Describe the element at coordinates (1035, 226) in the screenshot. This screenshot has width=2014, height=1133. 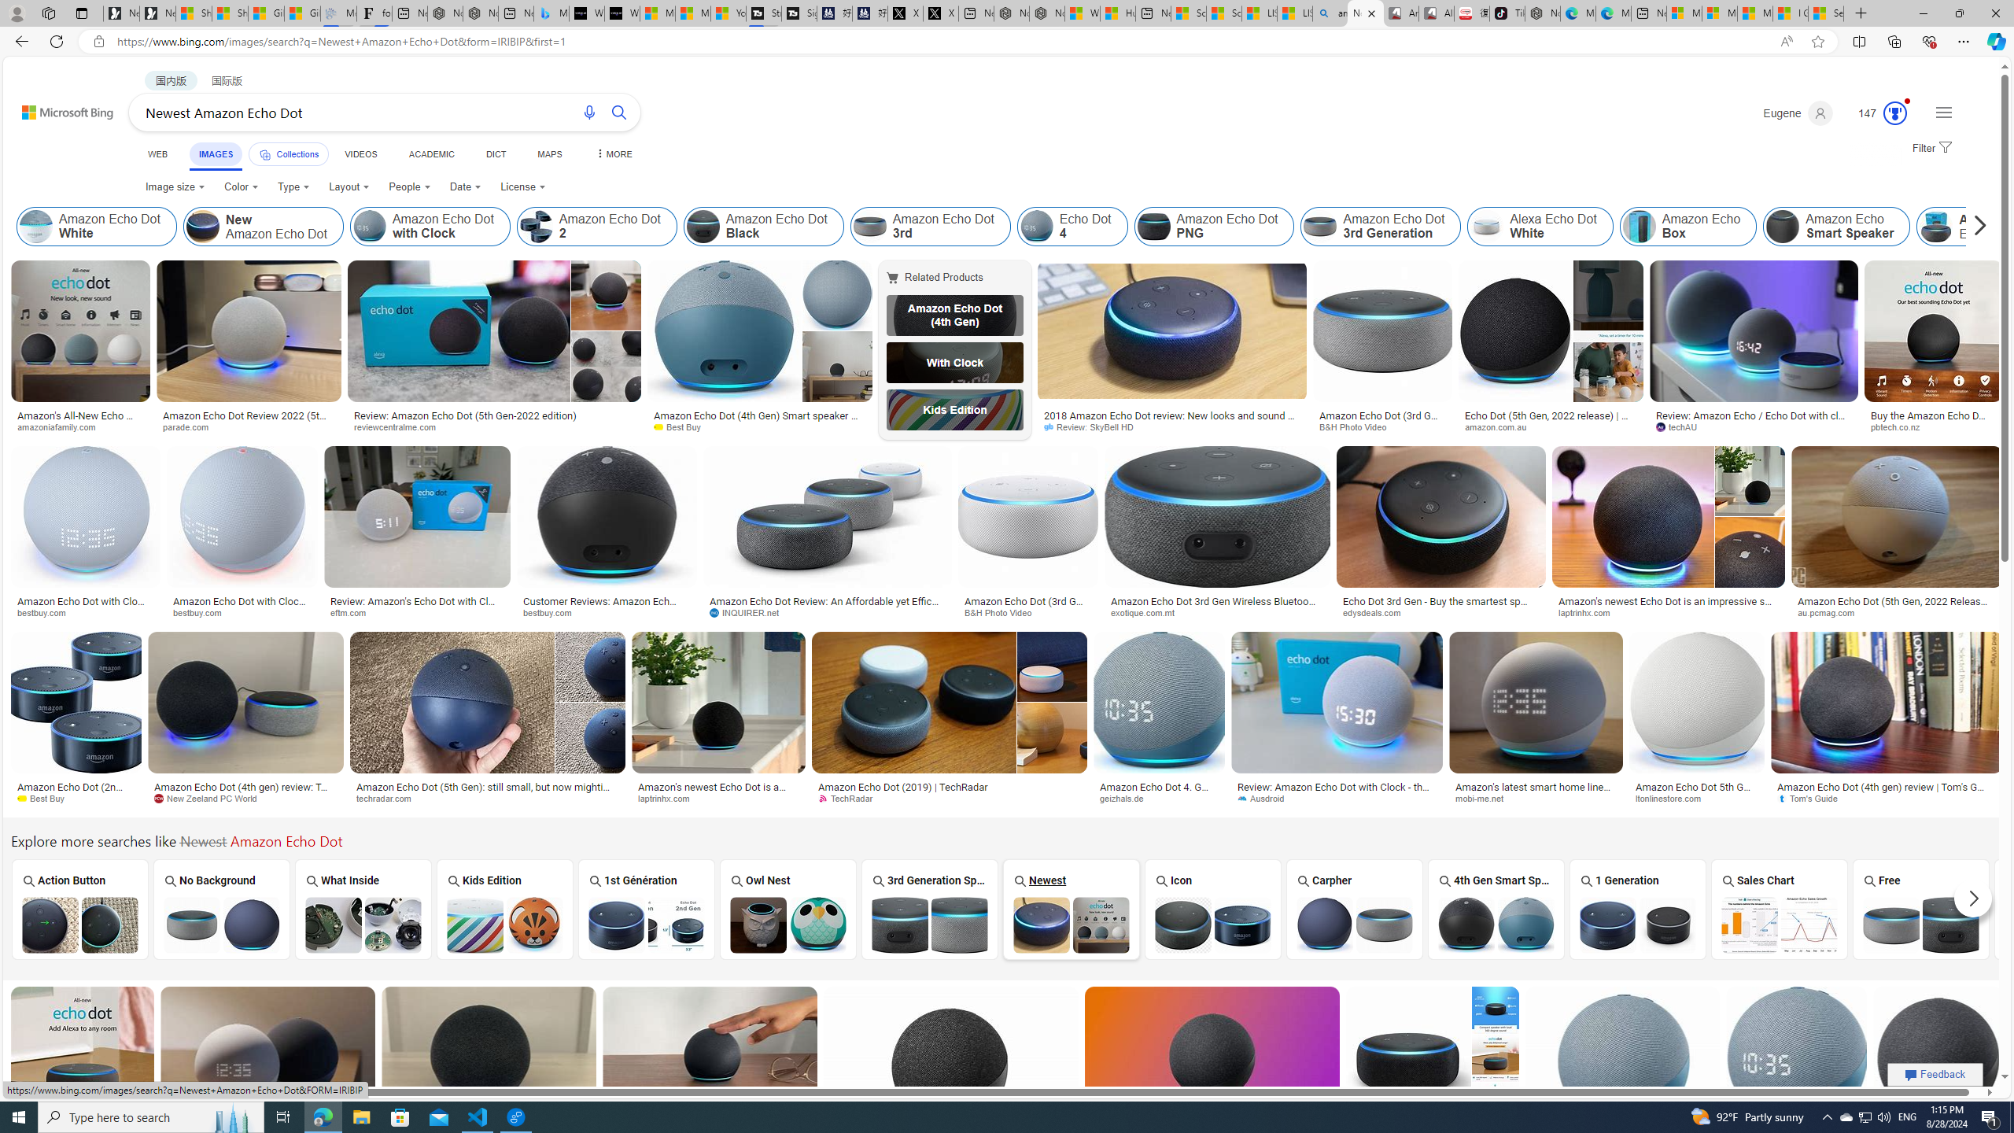
I see `'Echo Dot 4'` at that location.